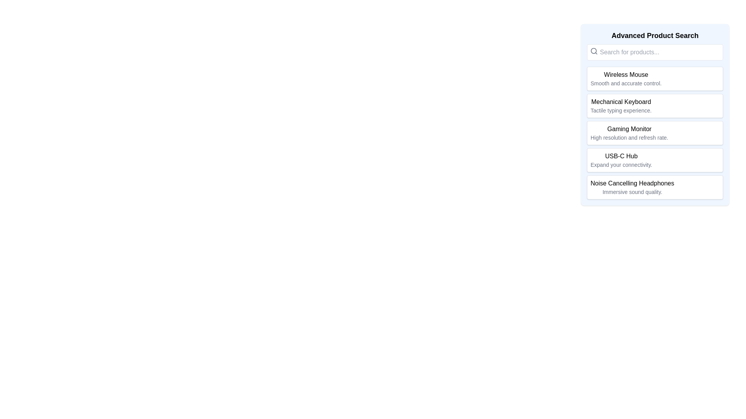  Describe the element at coordinates (654, 159) in the screenshot. I see `the 'USB-C Hub' list item styled as a button for keyboard navigation` at that location.